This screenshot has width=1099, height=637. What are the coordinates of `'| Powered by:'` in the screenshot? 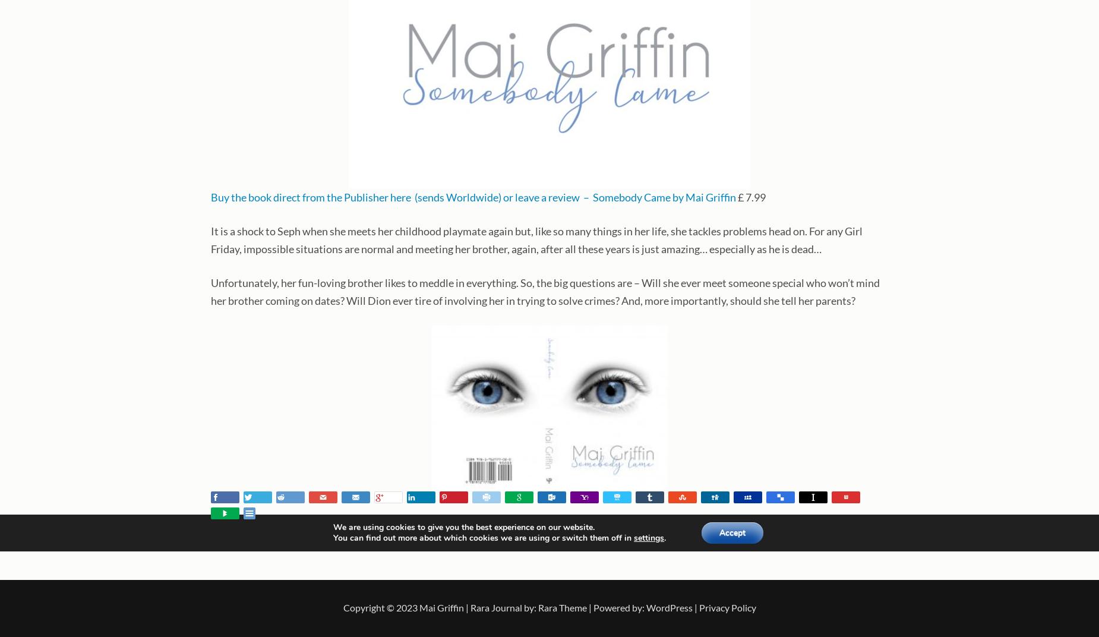 It's located at (615, 607).